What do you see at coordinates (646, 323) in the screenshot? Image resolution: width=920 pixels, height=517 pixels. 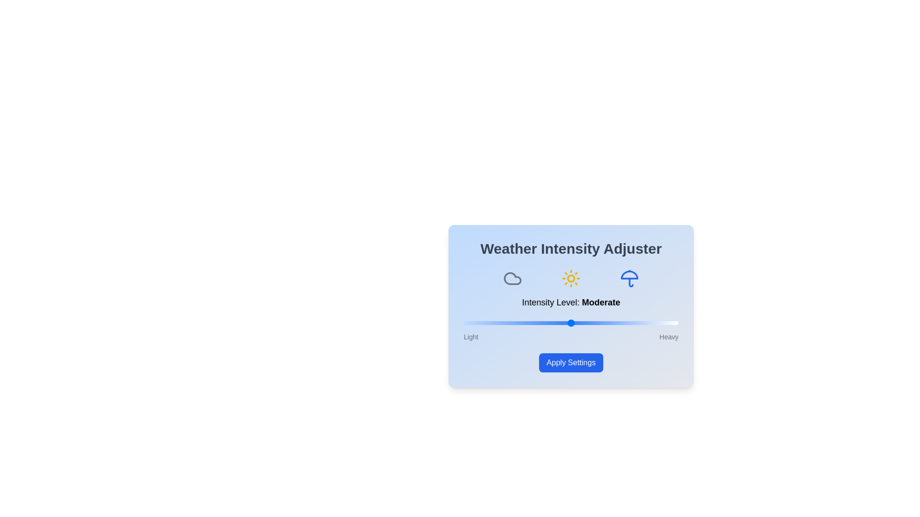 I see `the weather intensity slider to 85%` at bounding box center [646, 323].